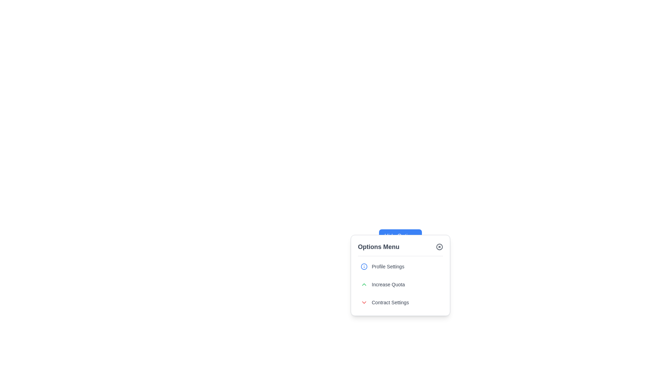  What do you see at coordinates (363, 302) in the screenshot?
I see `the icon button located in the bottommost row of the options menu` at bounding box center [363, 302].